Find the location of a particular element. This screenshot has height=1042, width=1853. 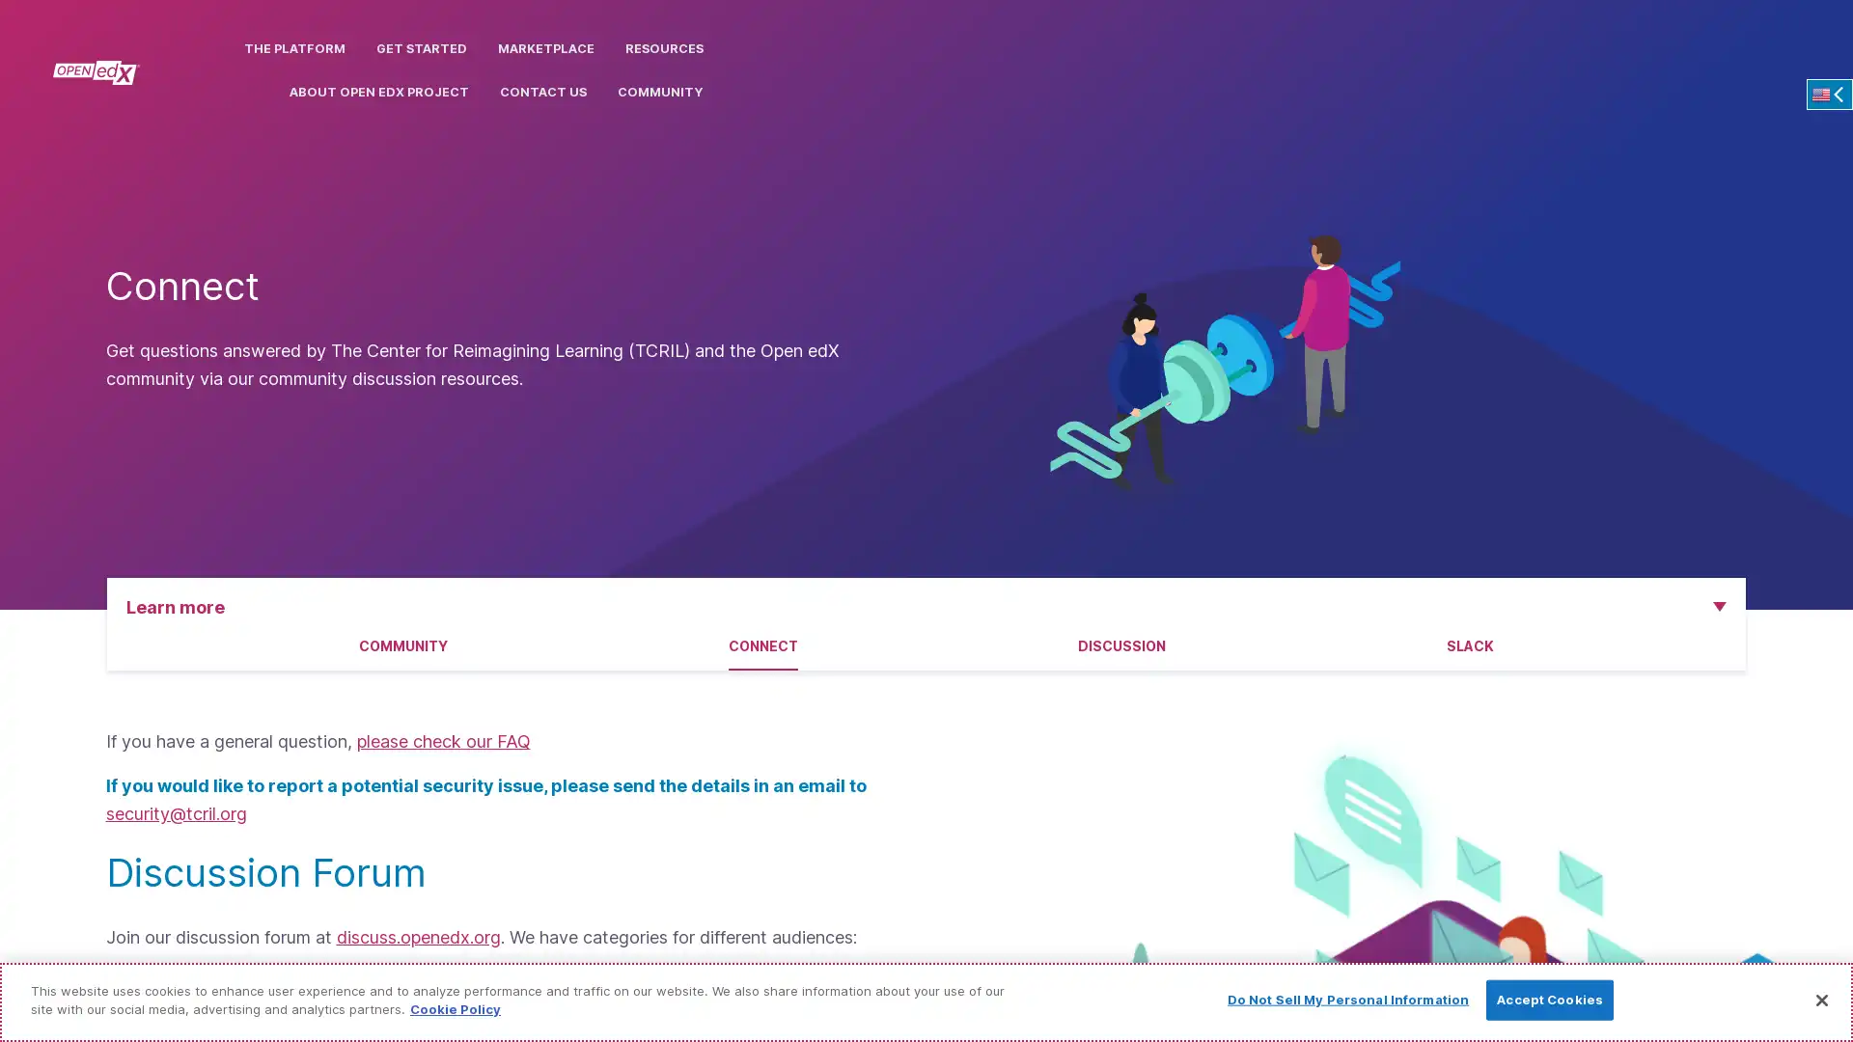

Do Not Sell My Personal Information is located at coordinates (1346, 999).